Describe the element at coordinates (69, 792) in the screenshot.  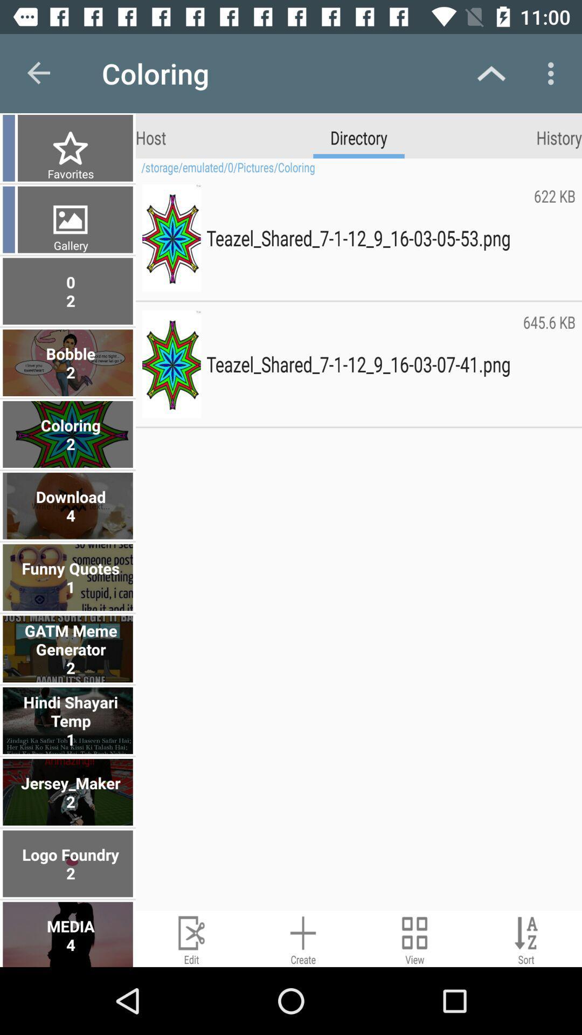
I see `the jersey_maker` at that location.